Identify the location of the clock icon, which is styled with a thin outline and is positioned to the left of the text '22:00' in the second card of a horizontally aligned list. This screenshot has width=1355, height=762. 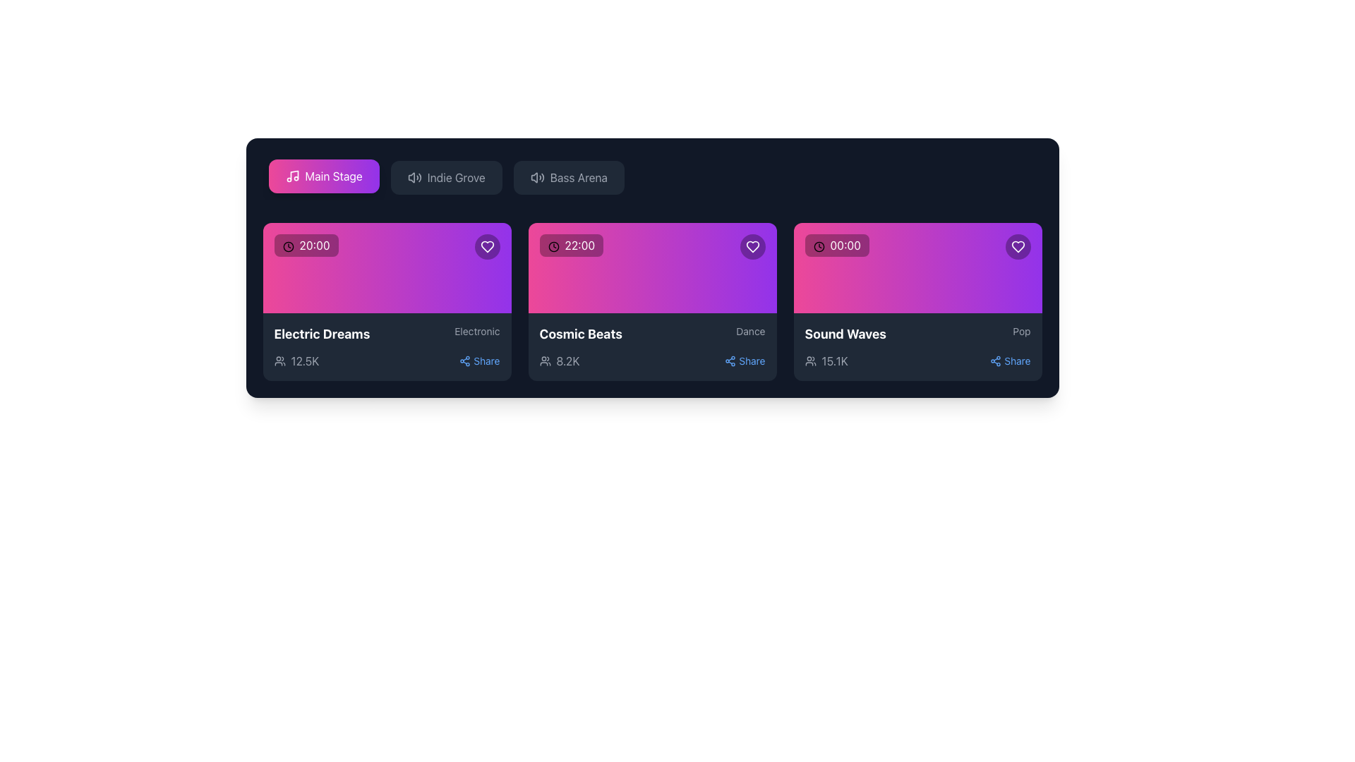
(553, 246).